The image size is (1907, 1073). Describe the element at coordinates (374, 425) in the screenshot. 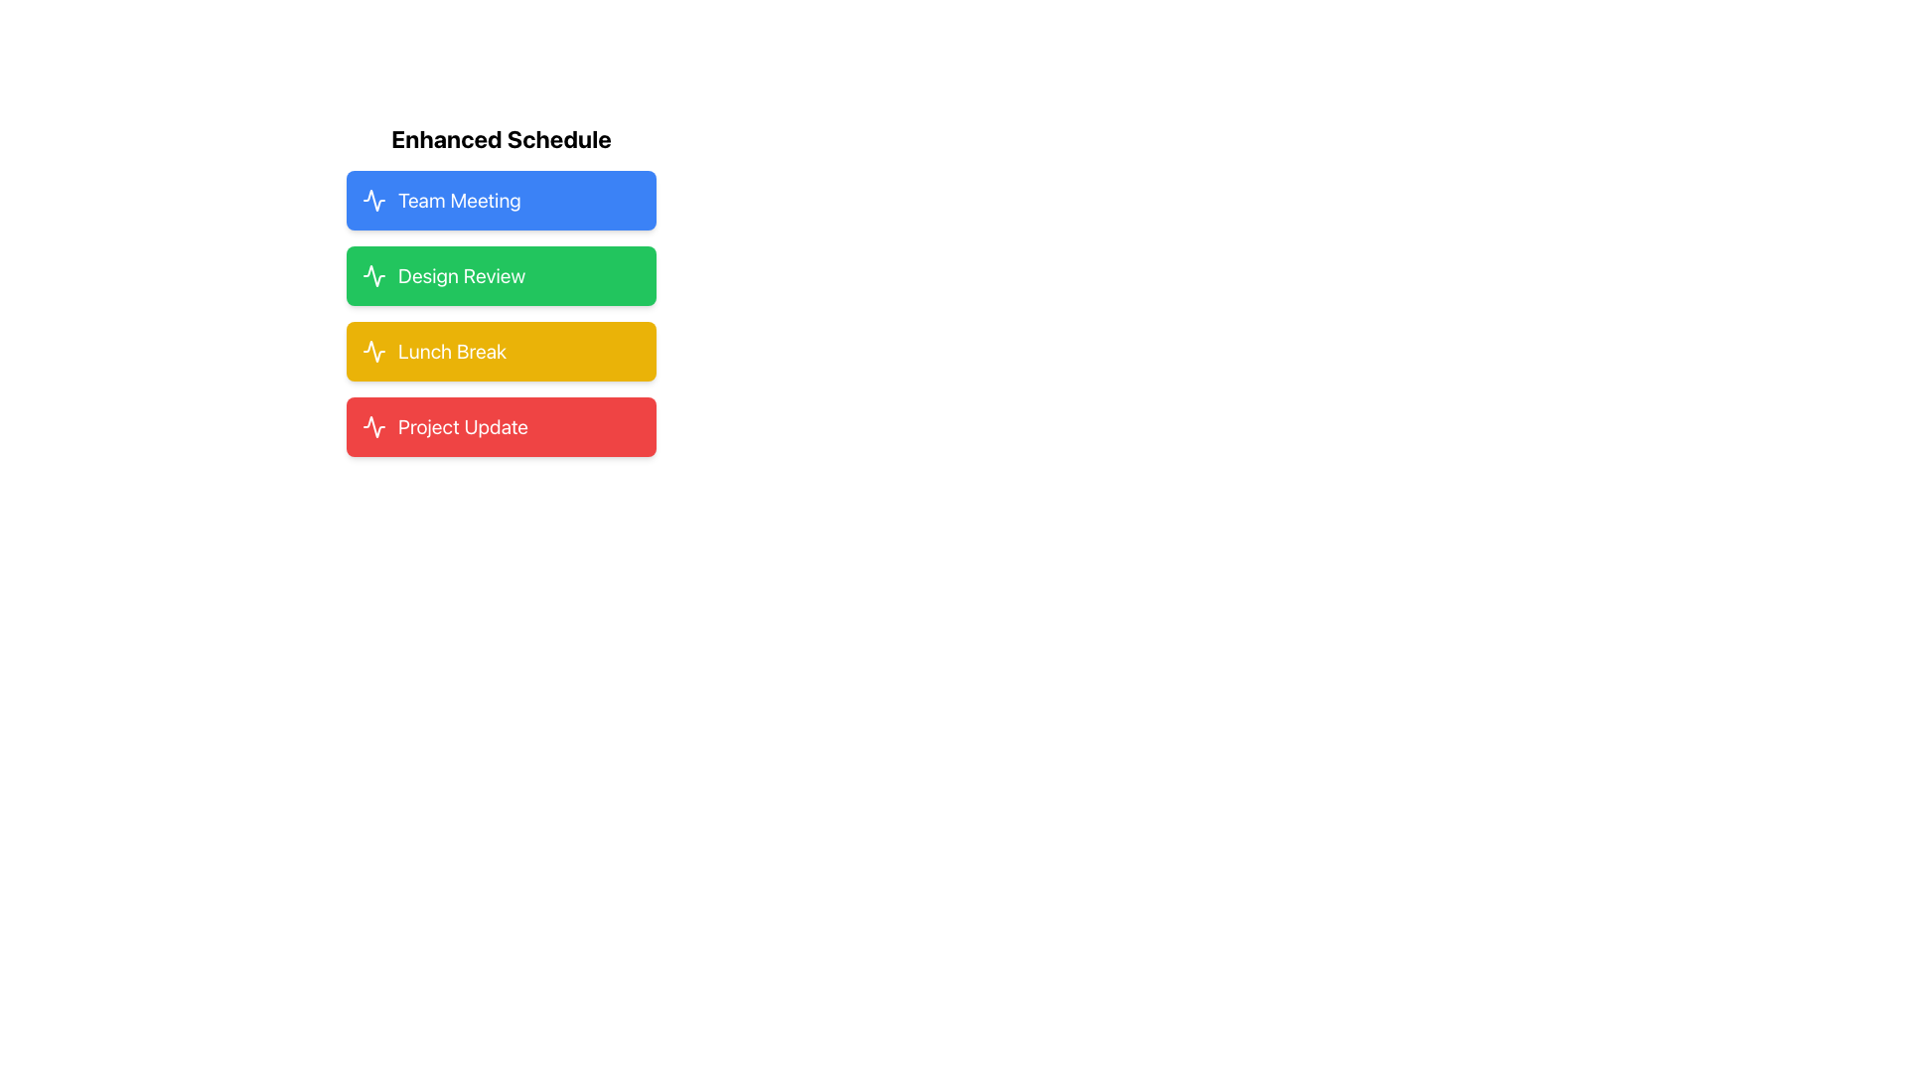

I see `the stylized 'activity' graph icon within the red rectangular button labeled 'Project Update', which is the last button in a vertical list` at that location.